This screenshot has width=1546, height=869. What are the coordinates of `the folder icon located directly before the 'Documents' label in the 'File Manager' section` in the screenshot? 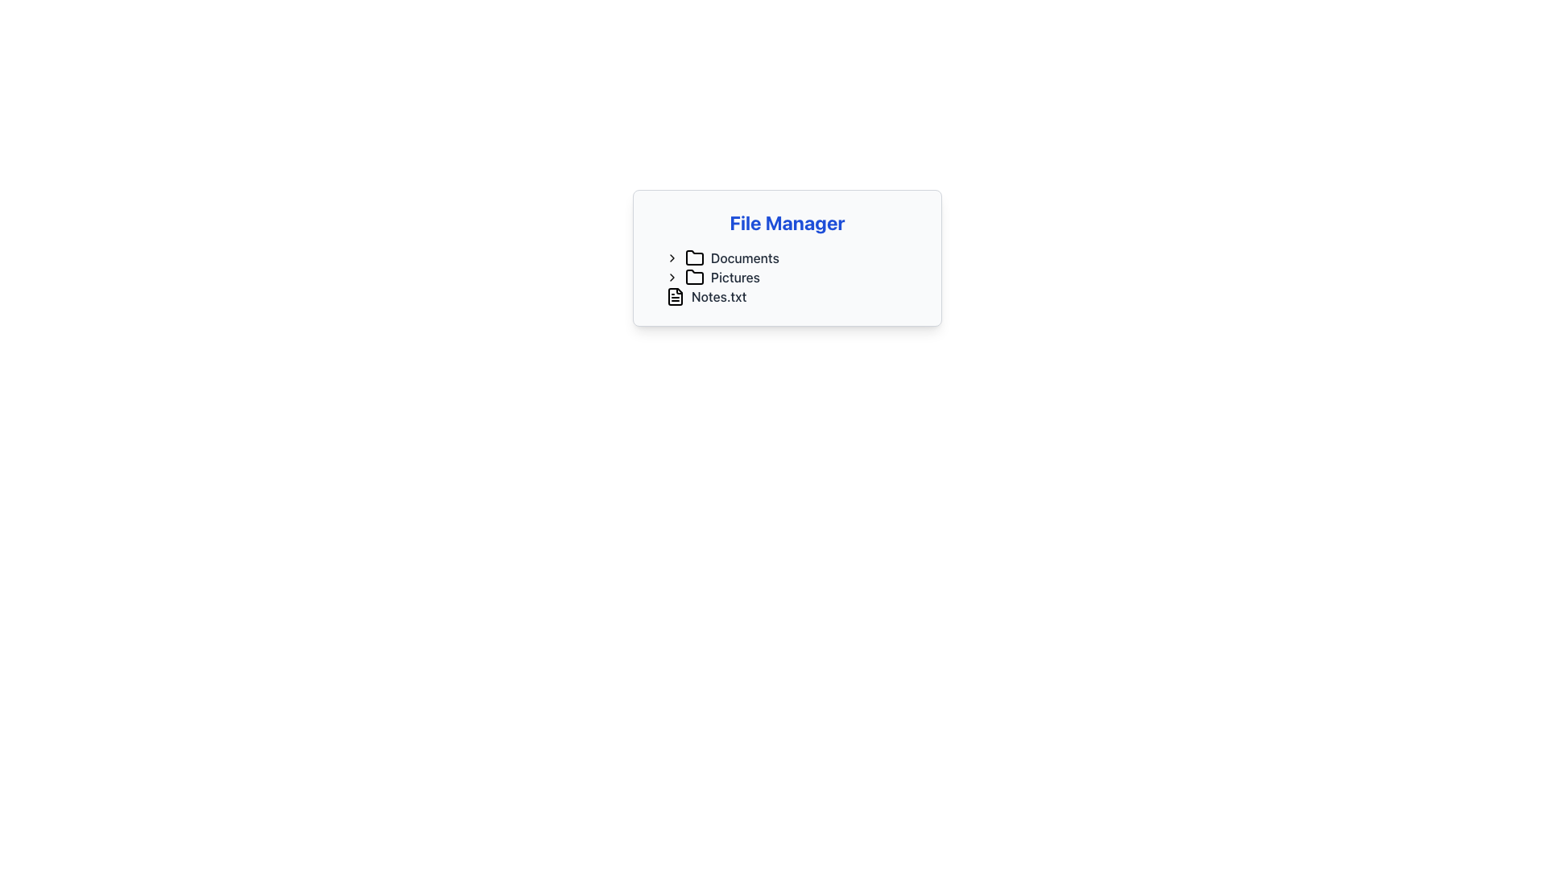 It's located at (695, 257).